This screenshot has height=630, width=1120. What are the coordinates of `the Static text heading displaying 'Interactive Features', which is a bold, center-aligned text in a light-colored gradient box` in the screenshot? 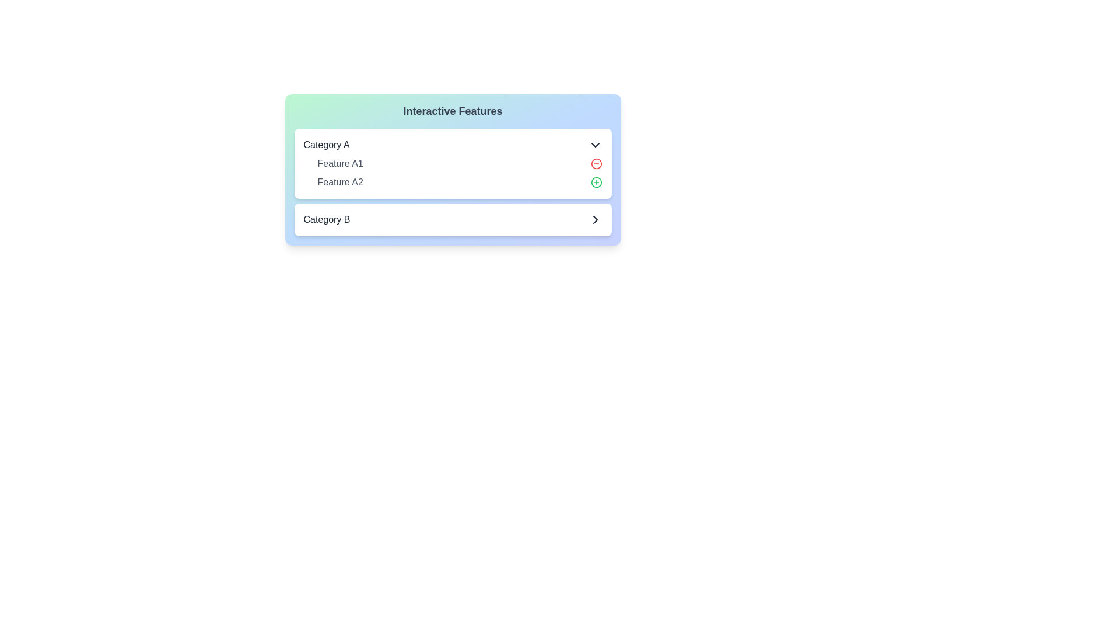 It's located at (452, 111).